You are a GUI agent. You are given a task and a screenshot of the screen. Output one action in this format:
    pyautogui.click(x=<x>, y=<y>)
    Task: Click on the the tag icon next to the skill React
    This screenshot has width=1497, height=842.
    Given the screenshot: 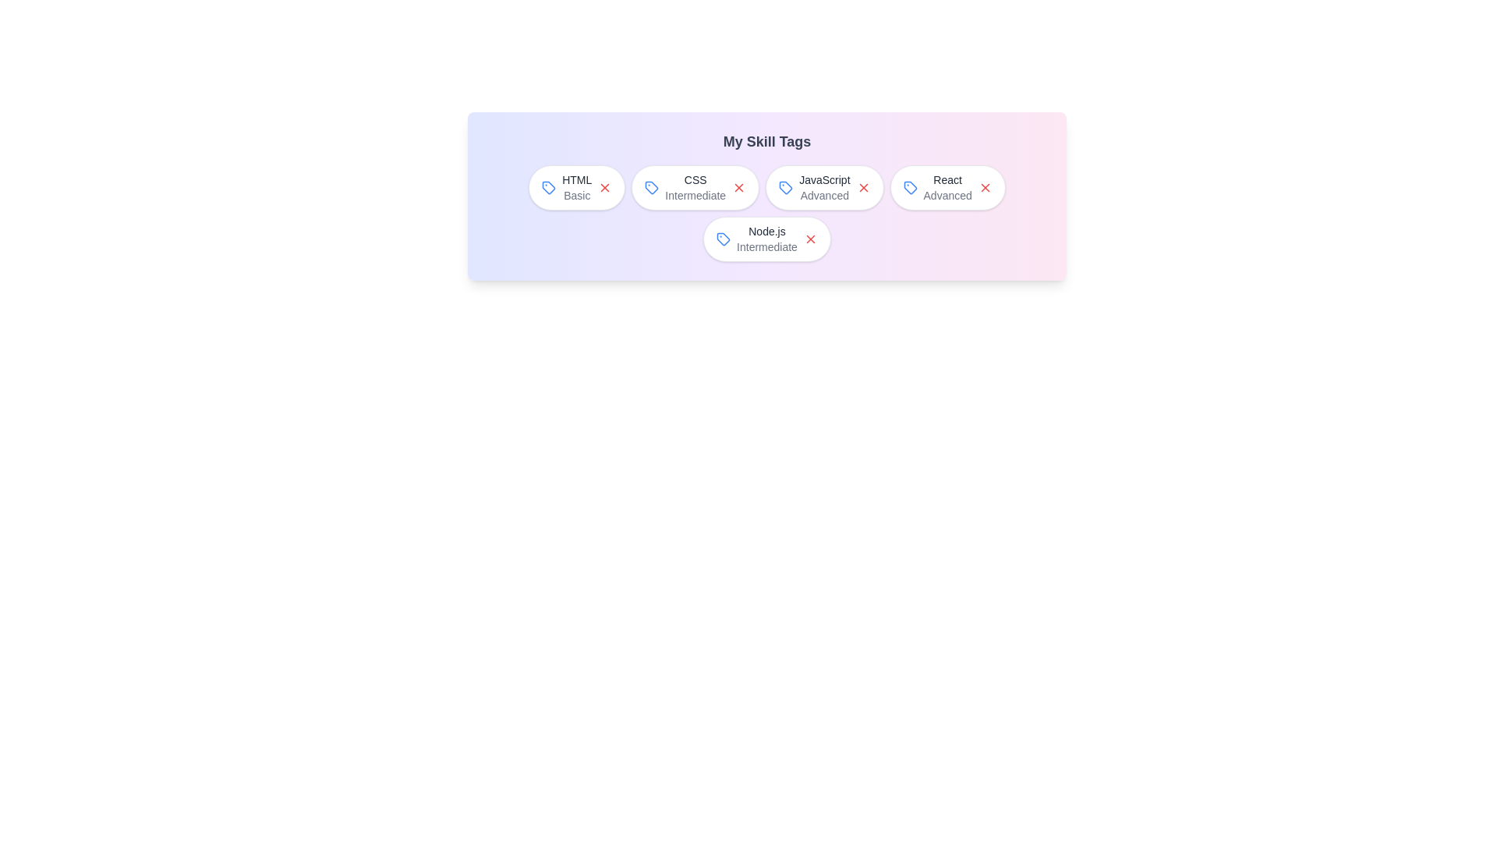 What is the action you would take?
    pyautogui.click(x=910, y=186)
    